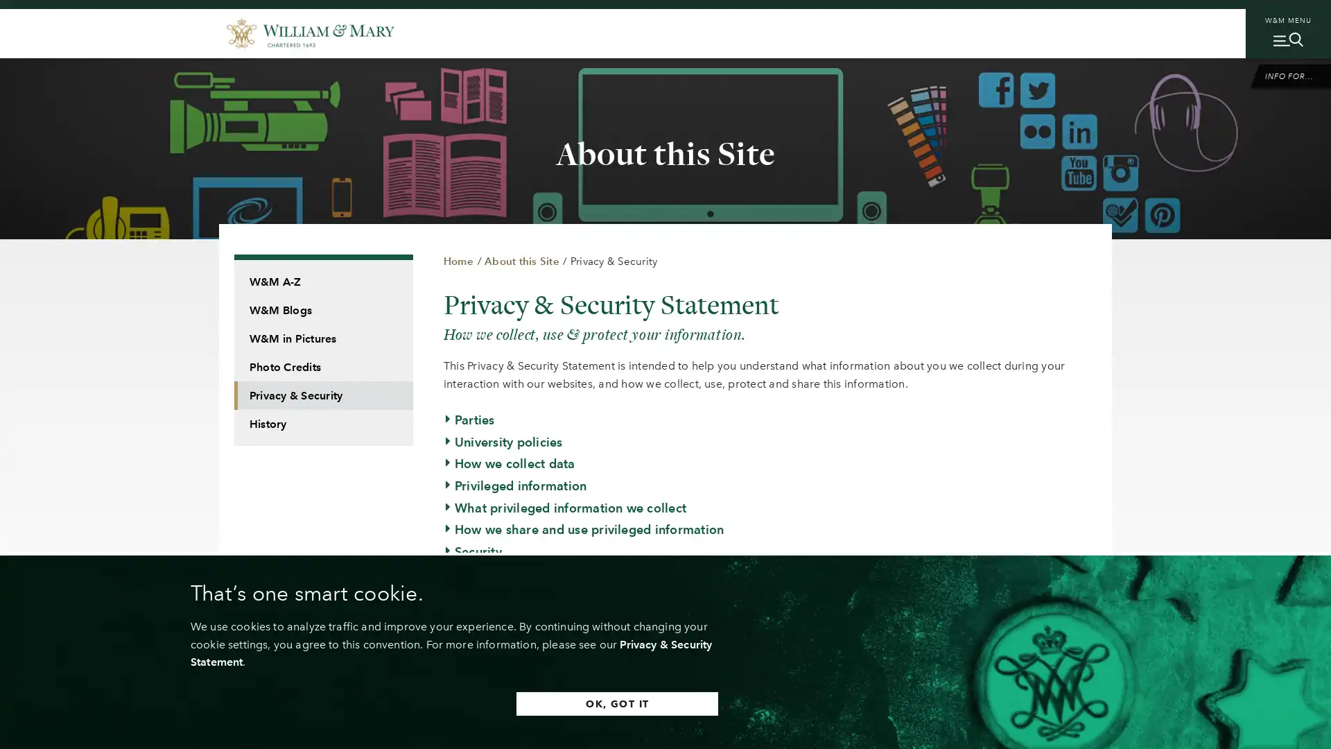 The width and height of the screenshot is (1331, 749). What do you see at coordinates (481, 639) in the screenshot?
I see `Contact Us` at bounding box center [481, 639].